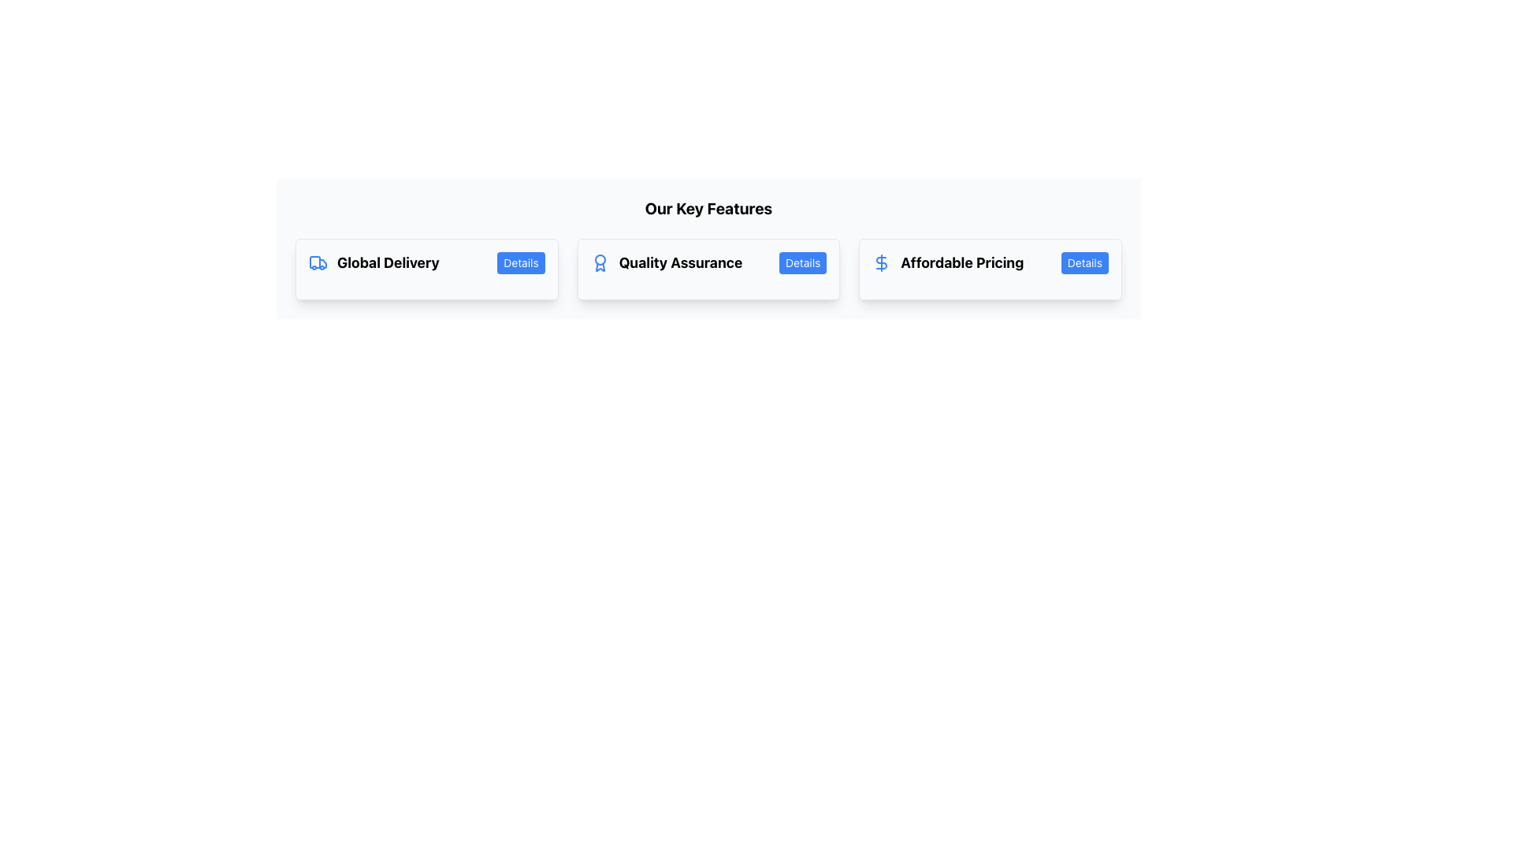 The width and height of the screenshot is (1513, 851). Describe the element at coordinates (708, 208) in the screenshot. I see `the bold, black text reading 'Our Key Features' that is centrally aligned and prominently placed at the top of a section with a light gray background` at that location.